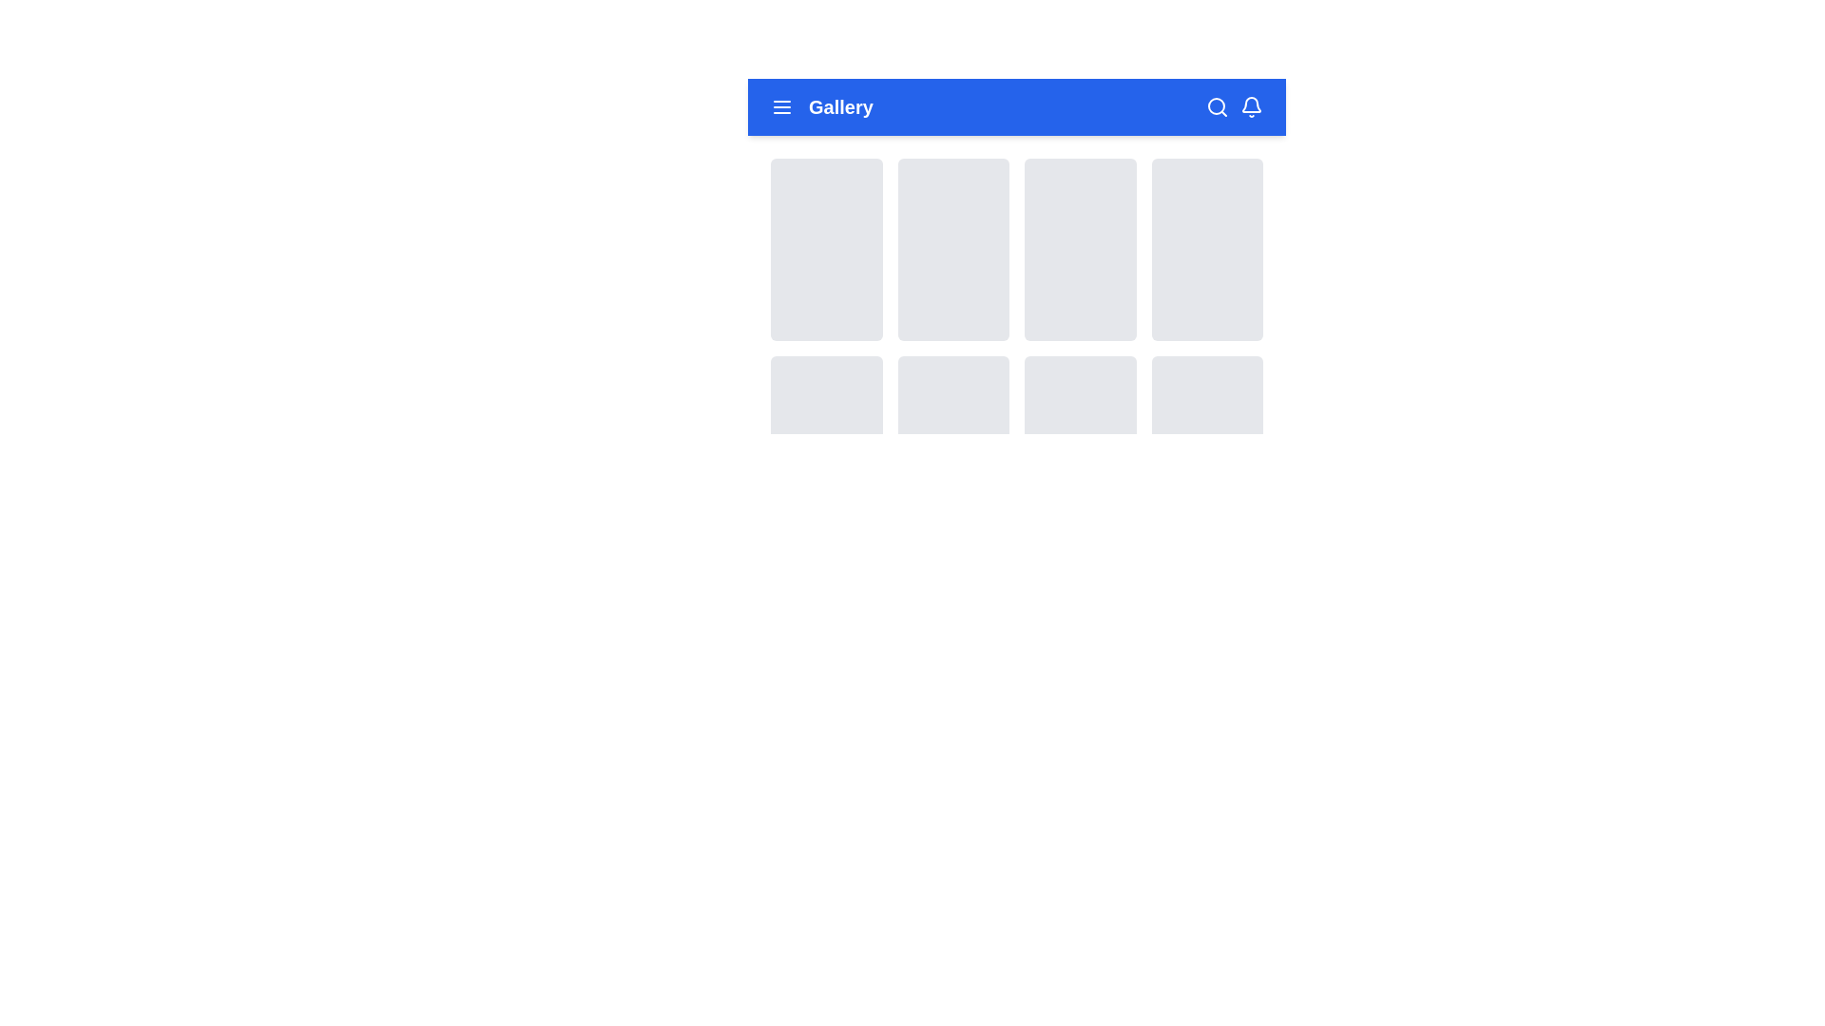 The width and height of the screenshot is (1825, 1026). I want to click on the search icon button located in the upper-right corner of the blue navigation bar, immediately to the left of the bell icon, so click(1218, 106).